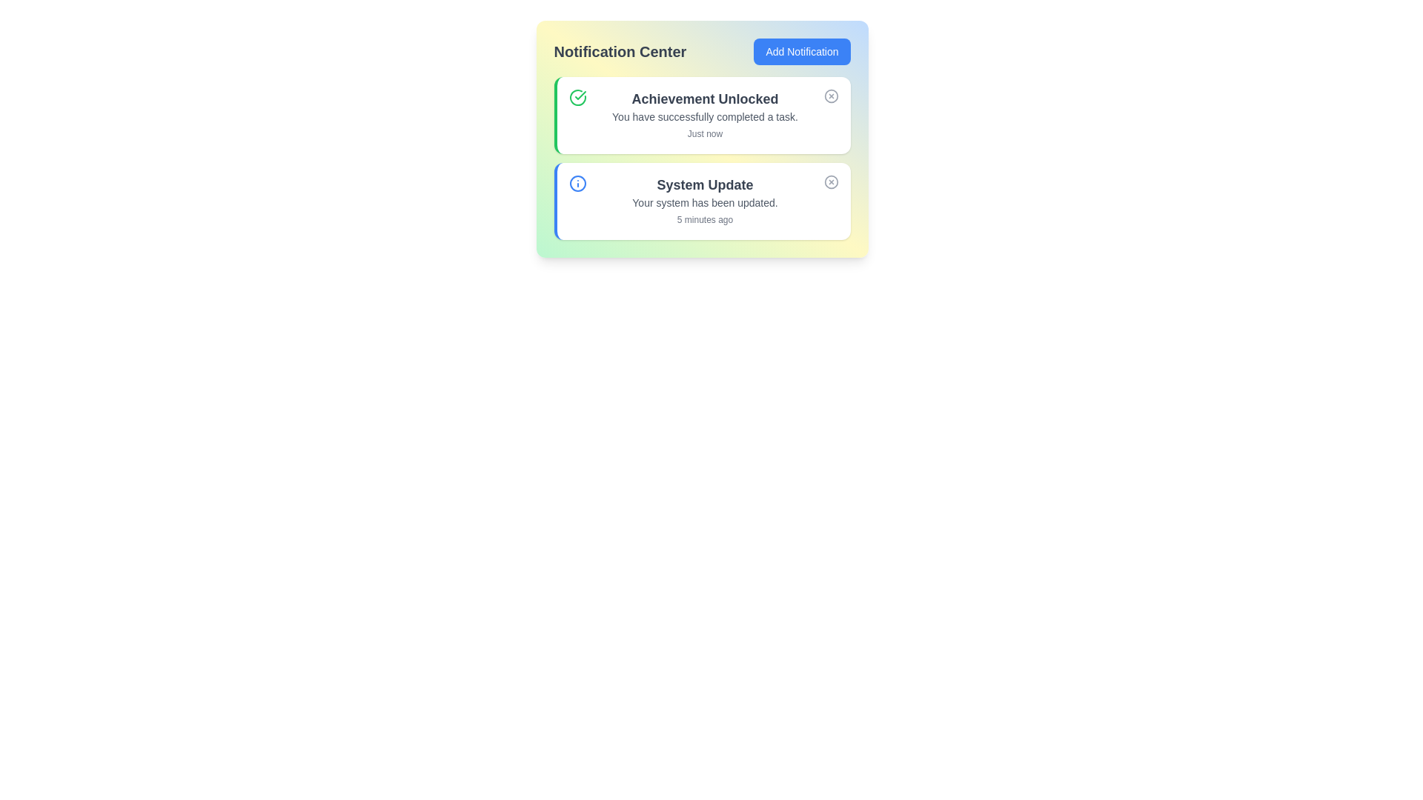  I want to click on informational text indicating the time elapsed since the 'System Update' notification was created or received, located at the bottom-right of the notification, so click(704, 220).